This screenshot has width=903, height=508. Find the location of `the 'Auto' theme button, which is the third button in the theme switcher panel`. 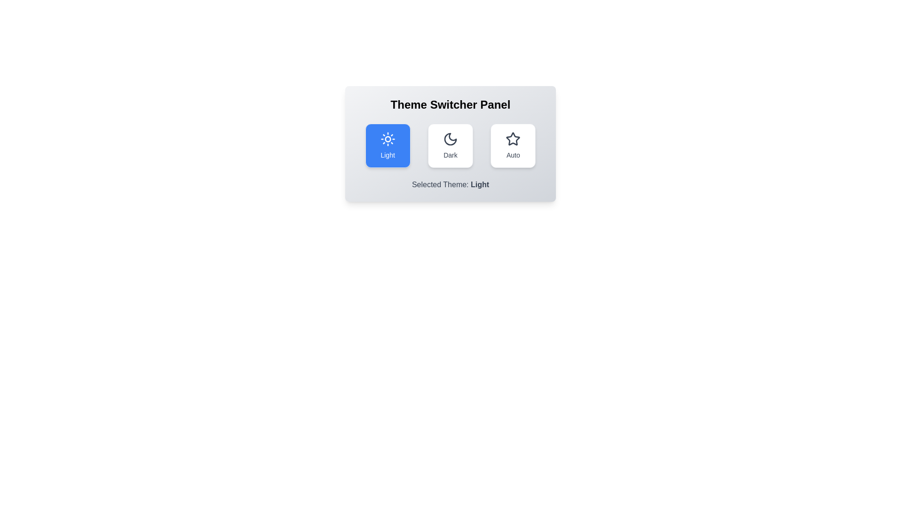

the 'Auto' theme button, which is the third button in the theme switcher panel is located at coordinates (513, 145).